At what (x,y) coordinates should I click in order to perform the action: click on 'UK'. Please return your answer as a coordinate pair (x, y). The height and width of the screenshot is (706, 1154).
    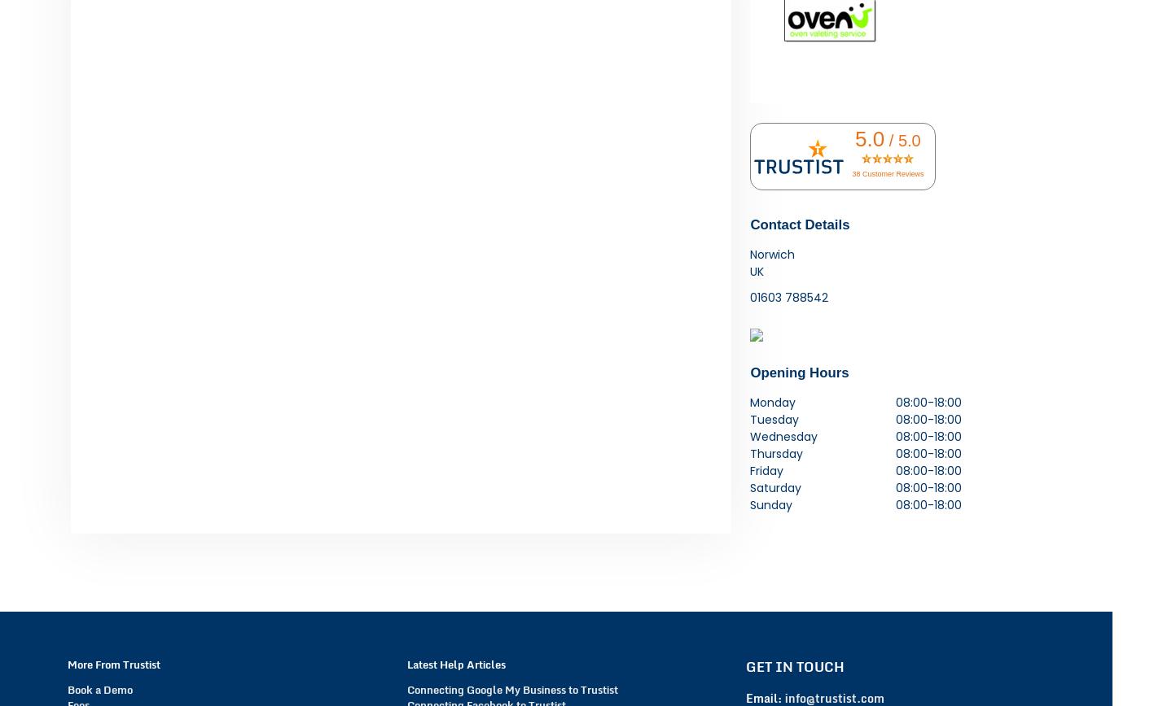
    Looking at the image, I should click on (757, 270).